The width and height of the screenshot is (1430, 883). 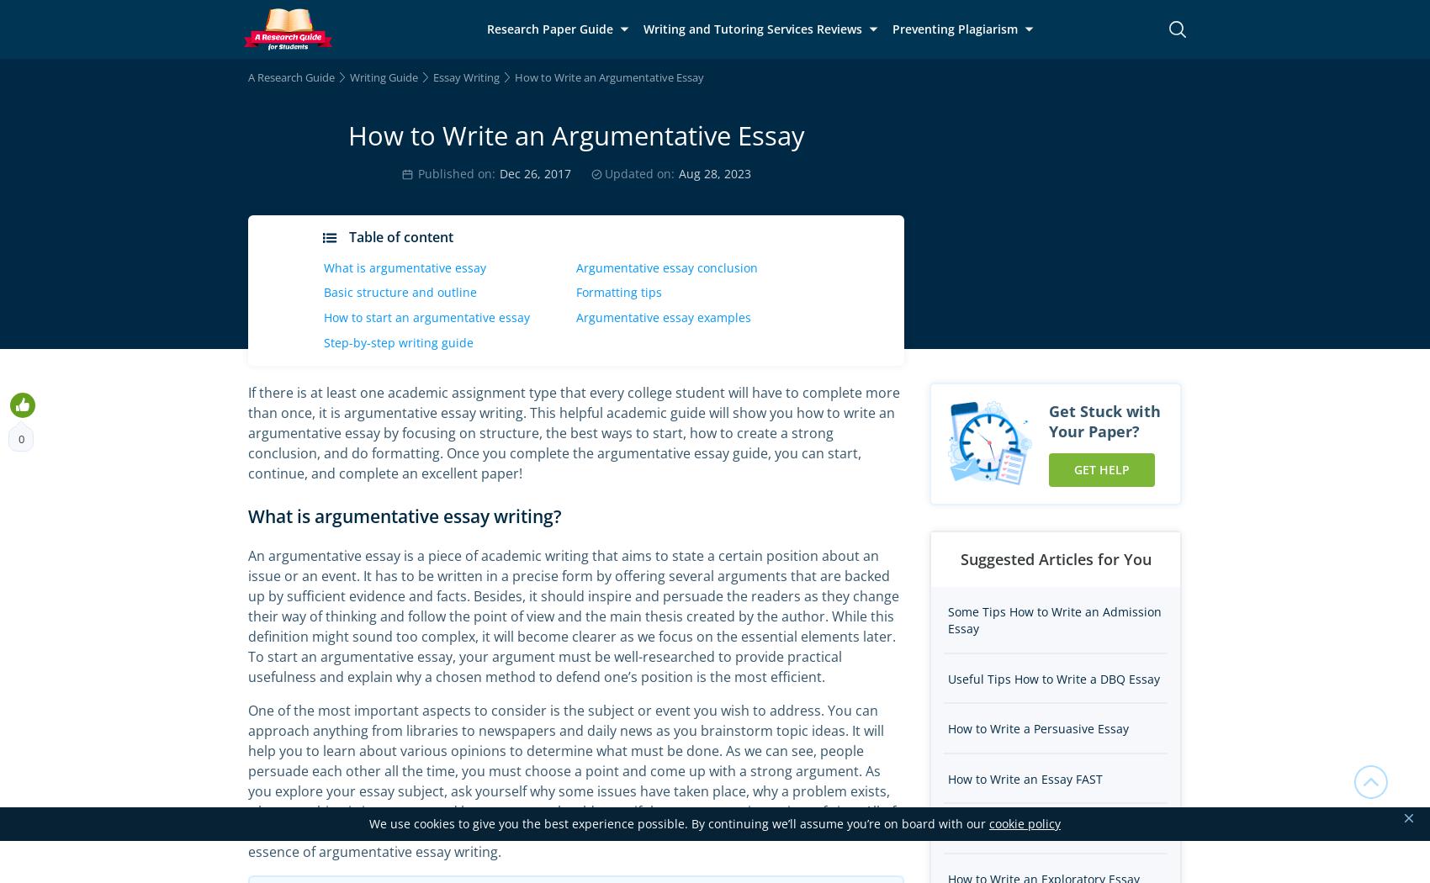 I want to click on 'Step-by-step writing guide', so click(x=398, y=341).